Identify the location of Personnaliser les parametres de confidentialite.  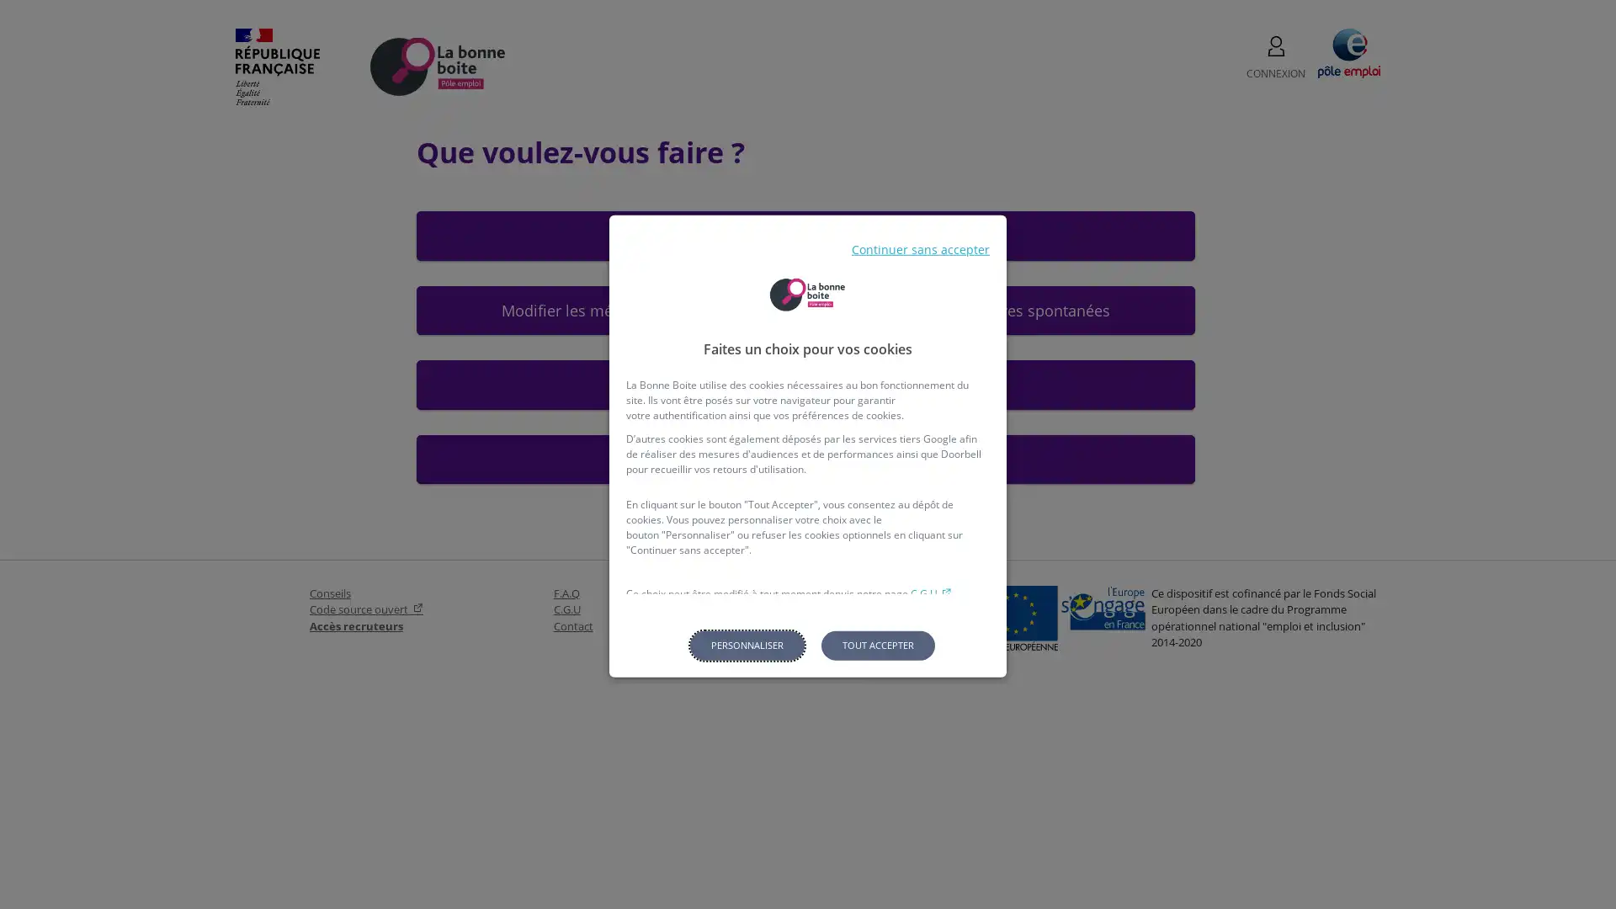
(746, 644).